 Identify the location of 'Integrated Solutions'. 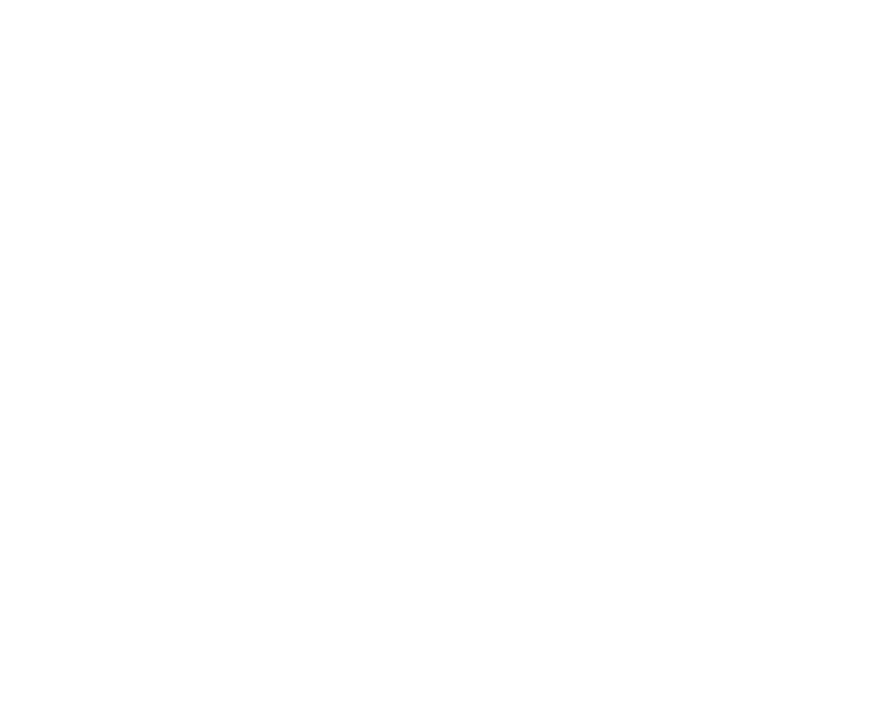
(669, 84).